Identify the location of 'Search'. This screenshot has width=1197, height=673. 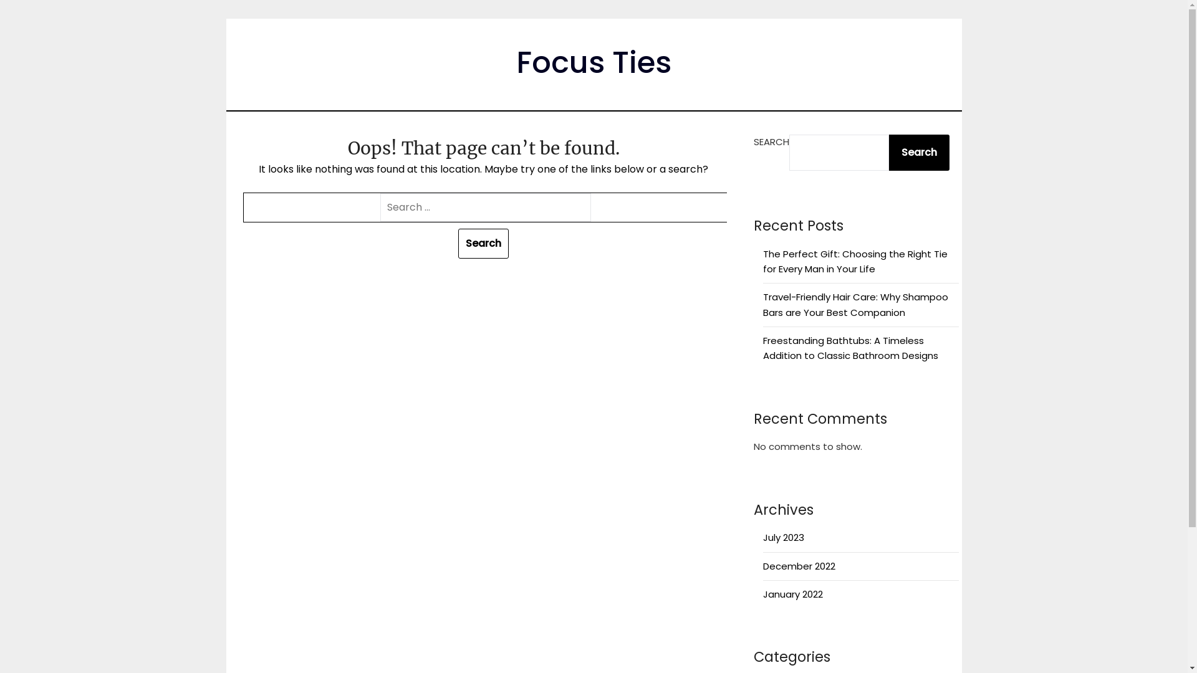
(919, 152).